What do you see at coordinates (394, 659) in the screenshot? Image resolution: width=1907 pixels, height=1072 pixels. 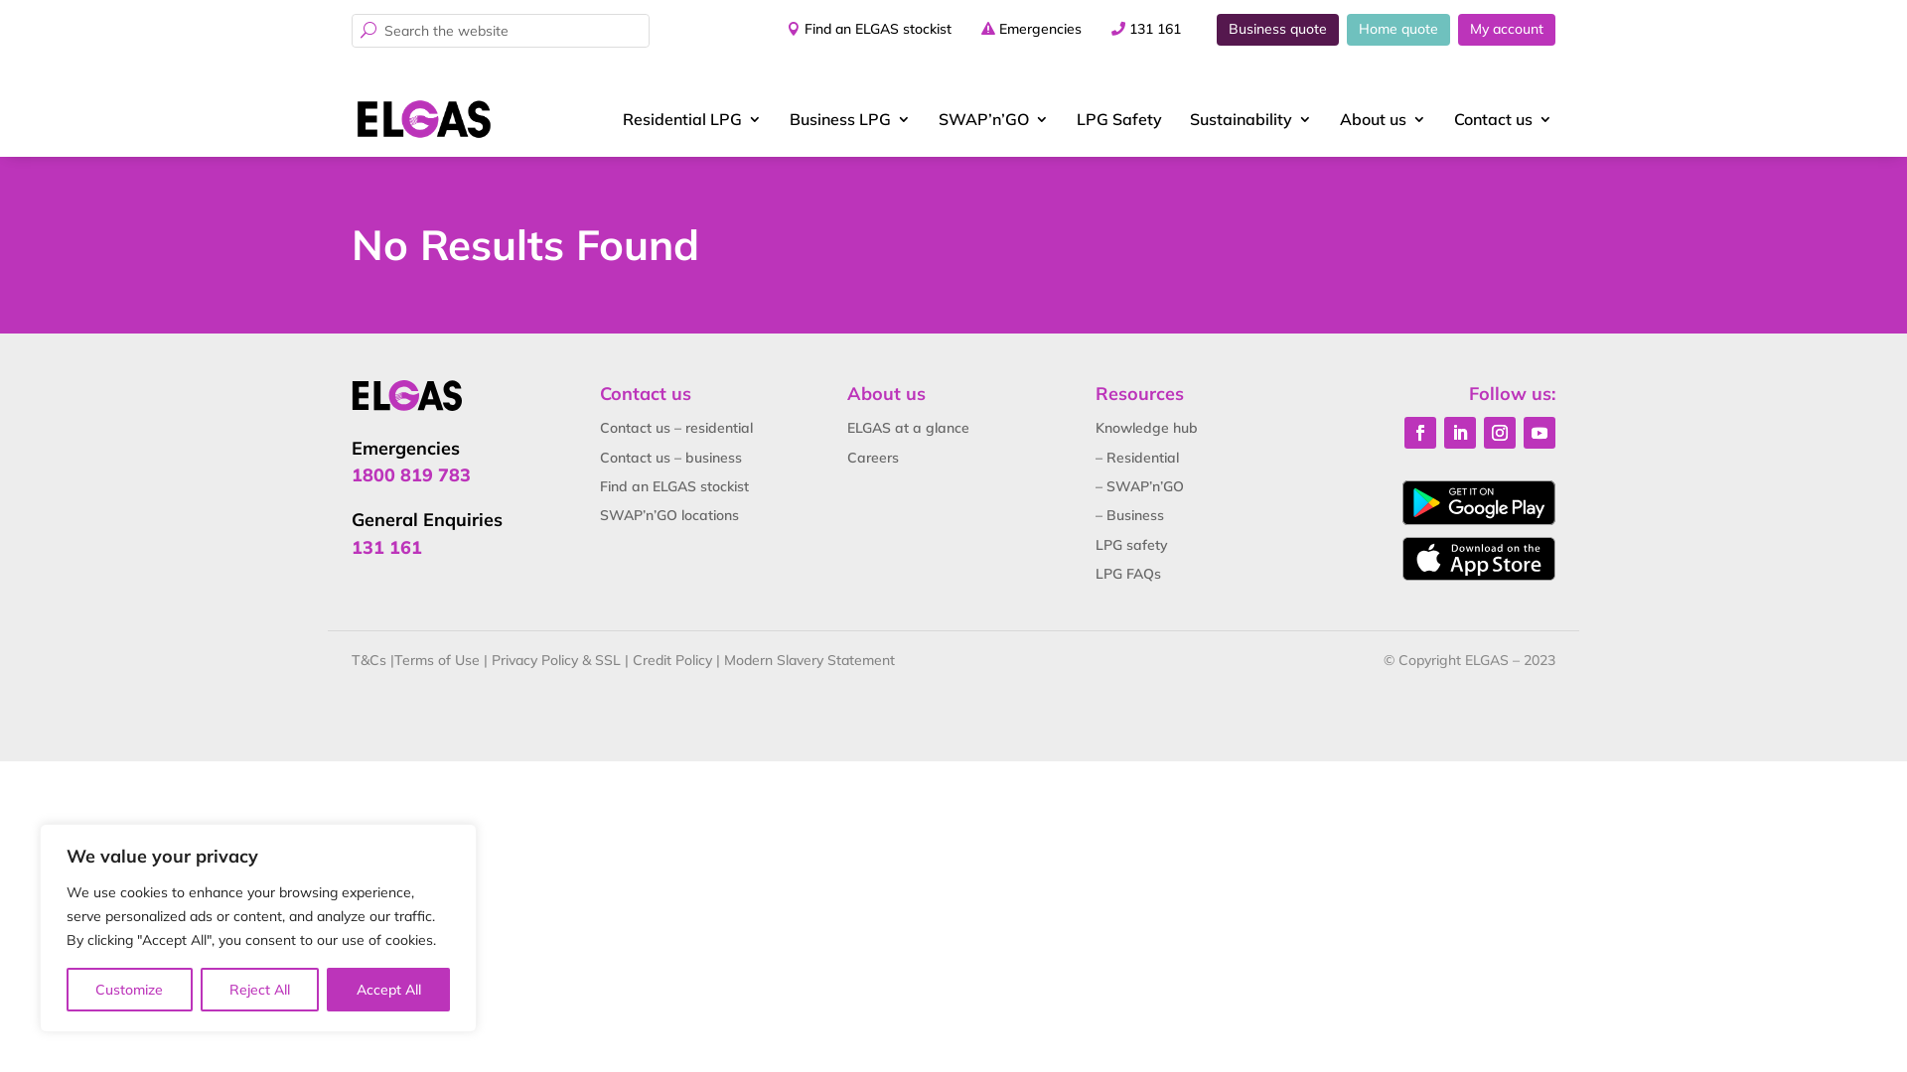 I see `'Terms of Use'` at bounding box center [394, 659].